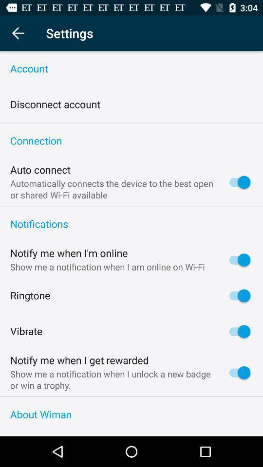 This screenshot has width=263, height=467. What do you see at coordinates (131, 141) in the screenshot?
I see `the icon above auto connect item` at bounding box center [131, 141].